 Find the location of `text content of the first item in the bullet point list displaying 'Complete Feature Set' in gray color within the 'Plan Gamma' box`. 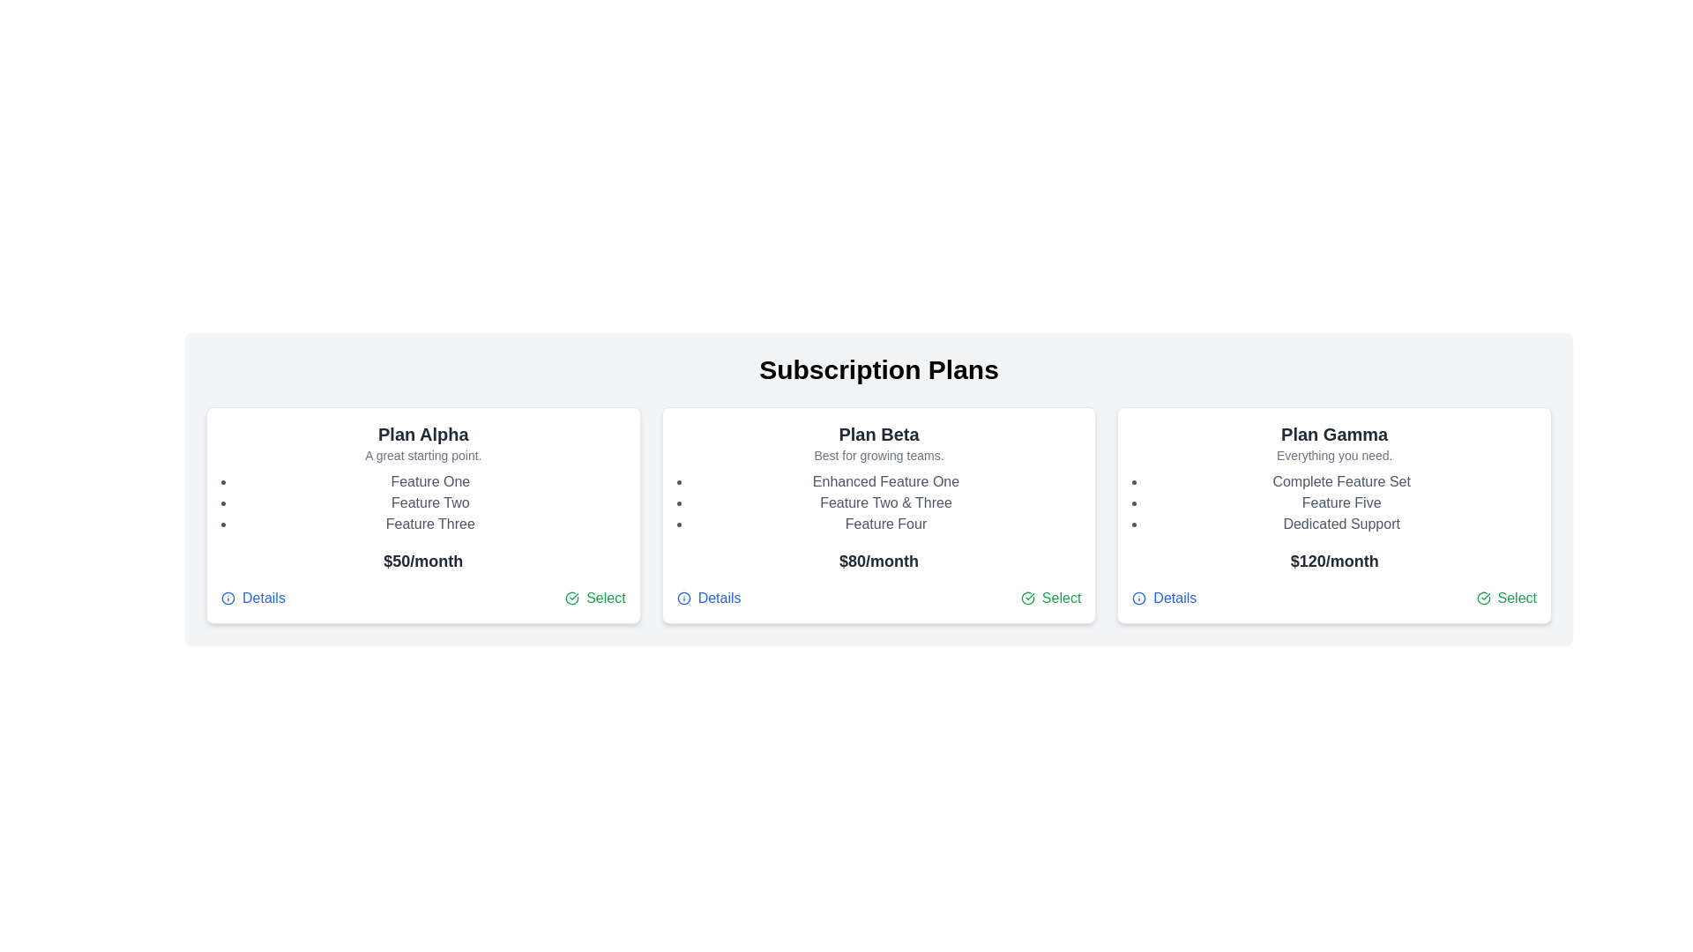

text content of the first item in the bullet point list displaying 'Complete Feature Set' in gray color within the 'Plan Gamma' box is located at coordinates (1340, 482).